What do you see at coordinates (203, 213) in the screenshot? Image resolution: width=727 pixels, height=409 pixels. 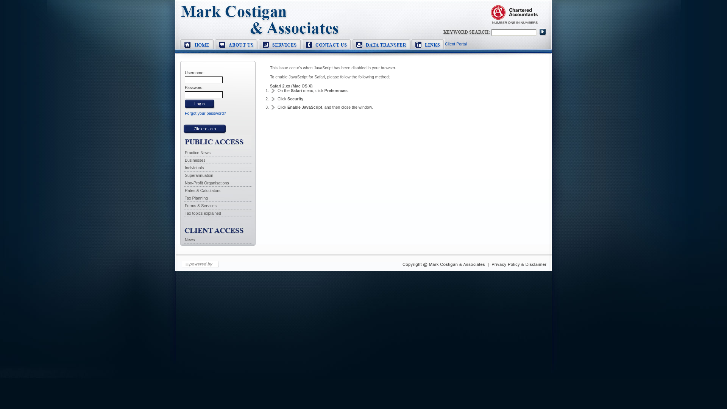 I see `'Tax topics explained'` at bounding box center [203, 213].